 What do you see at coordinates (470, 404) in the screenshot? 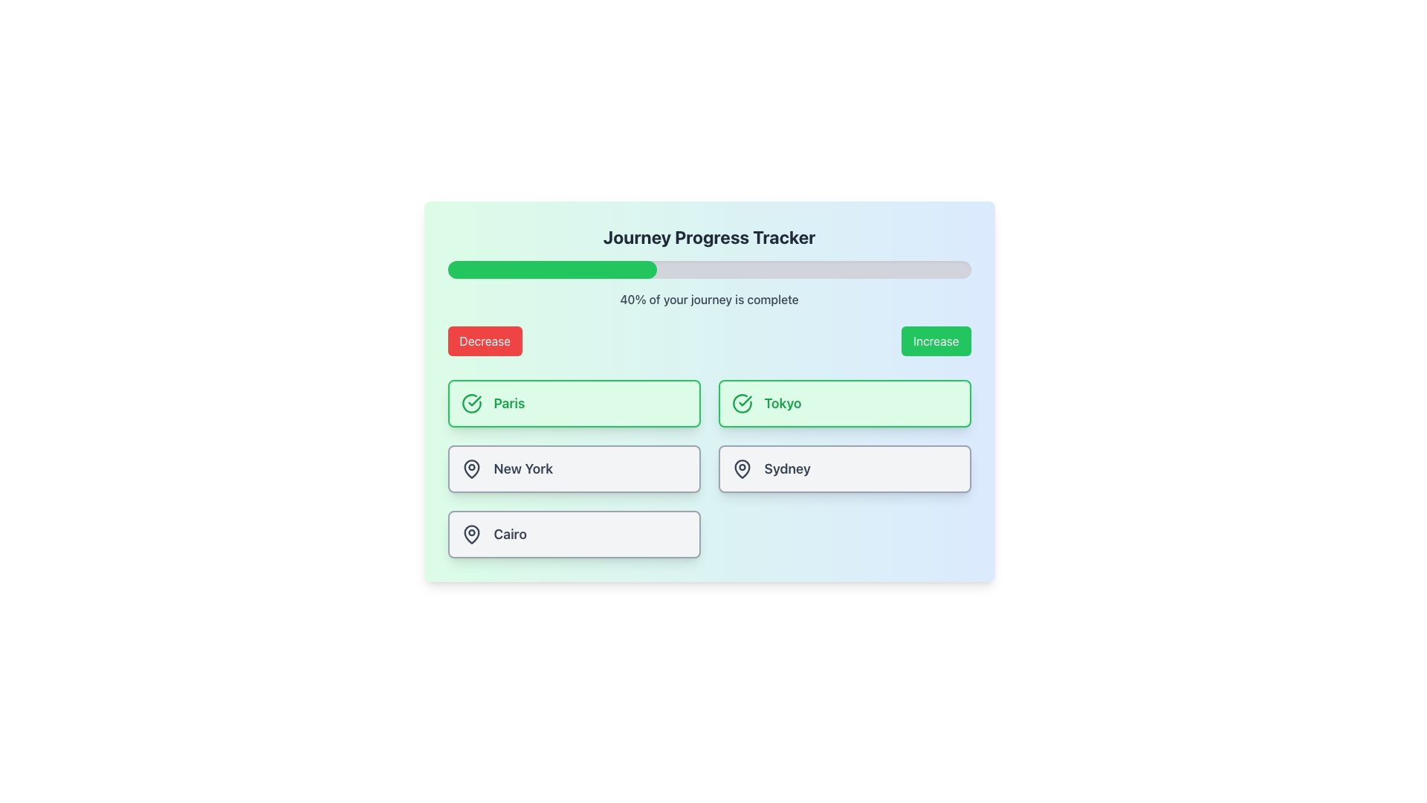
I see `the checkmark icon within the SVG component indicating selection for the 'Paris' option` at bounding box center [470, 404].